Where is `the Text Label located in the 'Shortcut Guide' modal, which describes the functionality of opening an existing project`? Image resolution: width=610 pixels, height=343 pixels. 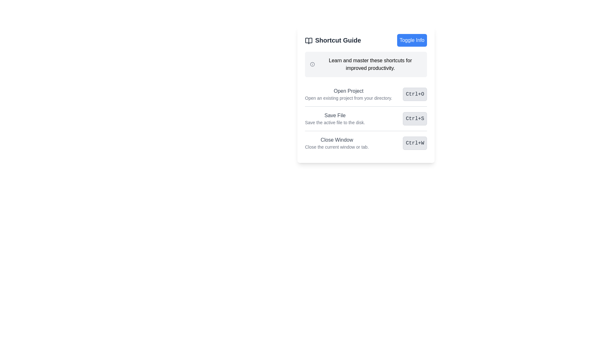 the Text Label located in the 'Shortcut Guide' modal, which describes the functionality of opening an existing project is located at coordinates (348, 94).